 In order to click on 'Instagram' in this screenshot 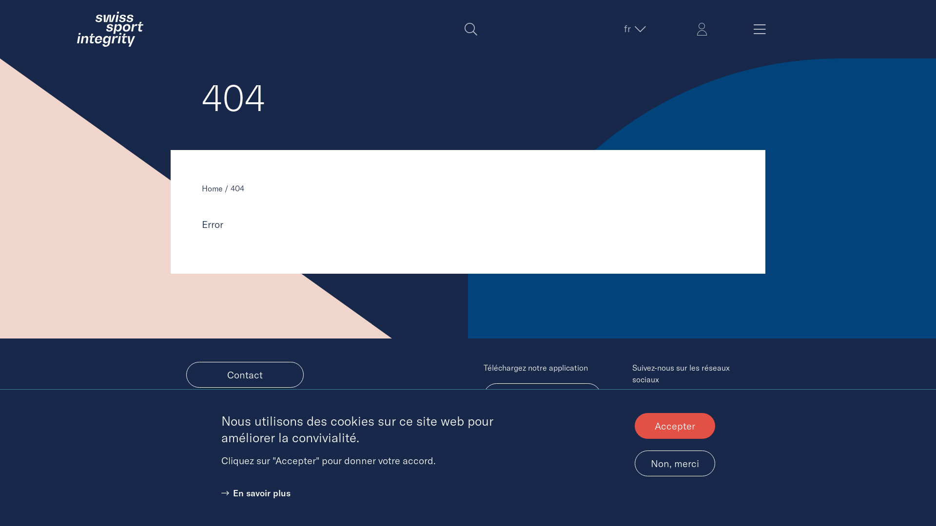, I will do `click(700, 404)`.